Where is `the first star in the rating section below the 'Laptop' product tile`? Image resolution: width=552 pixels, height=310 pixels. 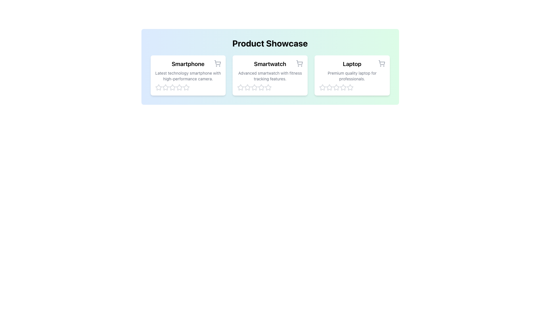 the first star in the rating section below the 'Laptop' product tile is located at coordinates (323, 87).